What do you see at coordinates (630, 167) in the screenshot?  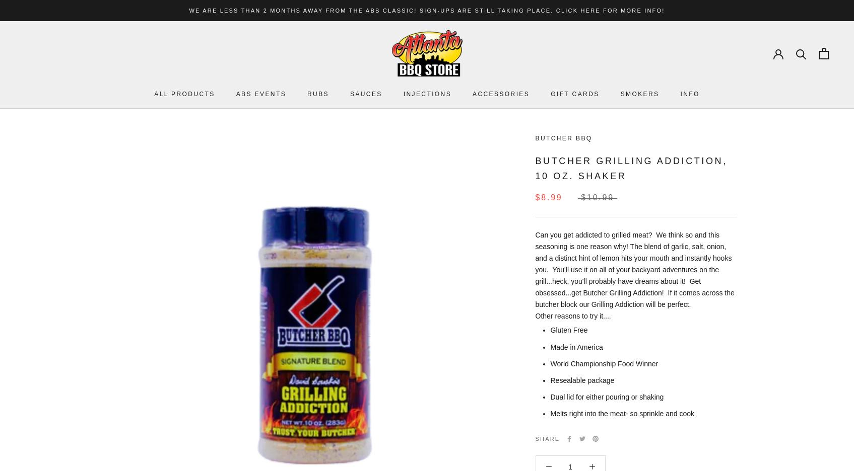 I see `'Butcher Grilling Addiction, 10 oz. shaker'` at bounding box center [630, 167].